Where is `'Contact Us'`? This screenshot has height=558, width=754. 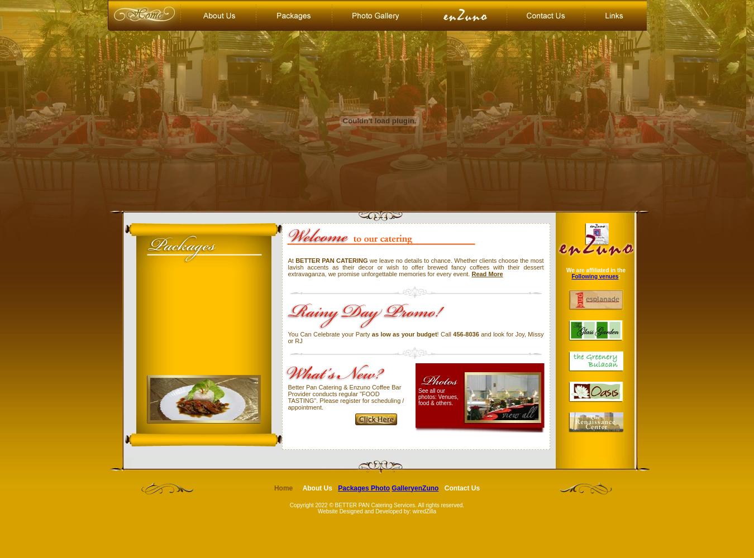 'Contact Us' is located at coordinates (462, 487).